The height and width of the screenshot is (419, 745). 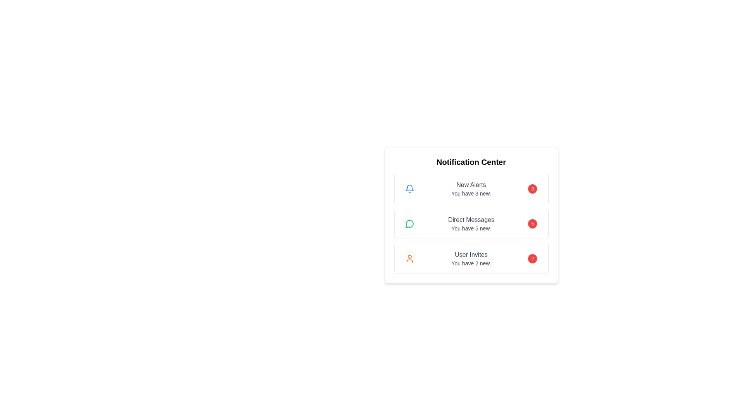 What do you see at coordinates (471, 185) in the screenshot?
I see `the 'New Alerts' text label, which is prominently displayed in dark gray within the first notification card of the Notification Center` at bounding box center [471, 185].